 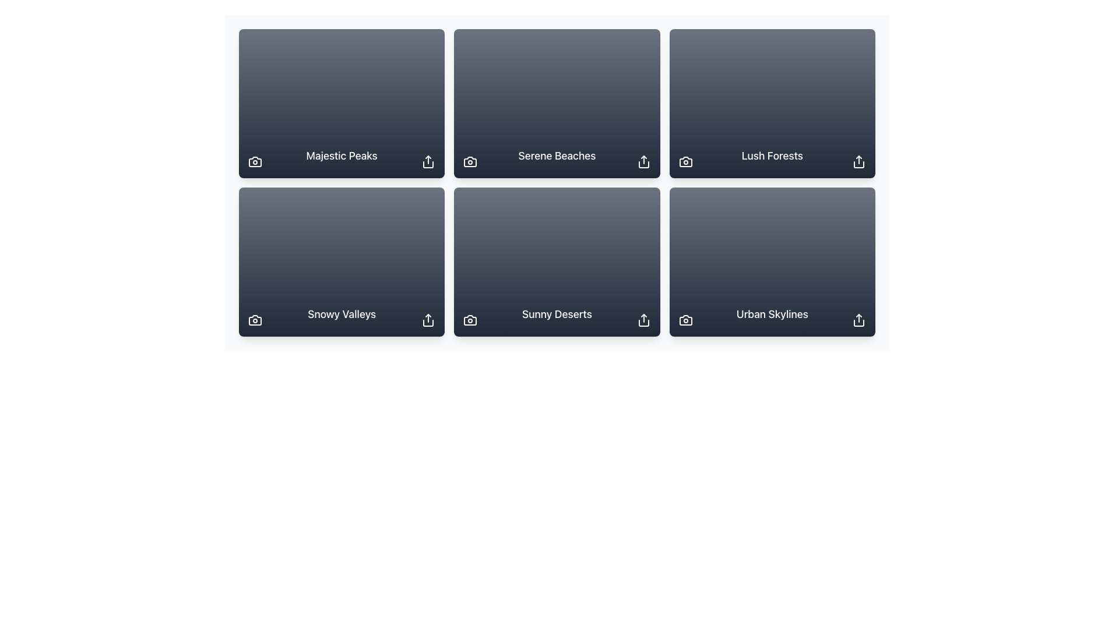 I want to click on the share icon button located at the bottom-right corner of the 'Sunny Deserts' card, so click(x=643, y=320).